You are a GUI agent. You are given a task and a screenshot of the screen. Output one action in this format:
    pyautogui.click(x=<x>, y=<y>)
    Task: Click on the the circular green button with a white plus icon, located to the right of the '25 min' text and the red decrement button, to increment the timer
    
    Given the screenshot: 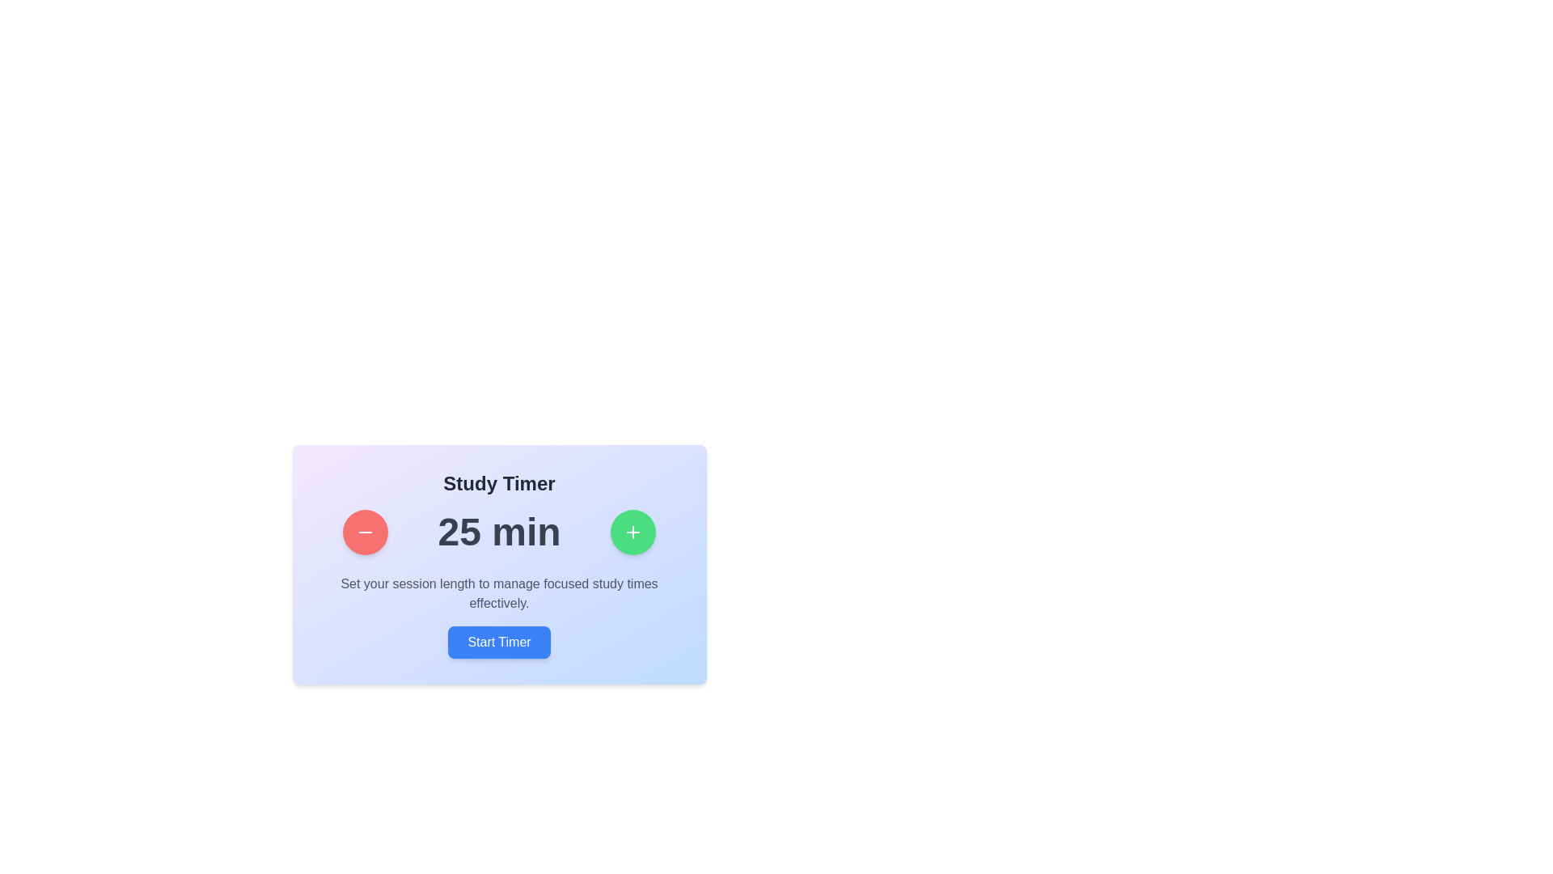 What is the action you would take?
    pyautogui.click(x=632, y=532)
    